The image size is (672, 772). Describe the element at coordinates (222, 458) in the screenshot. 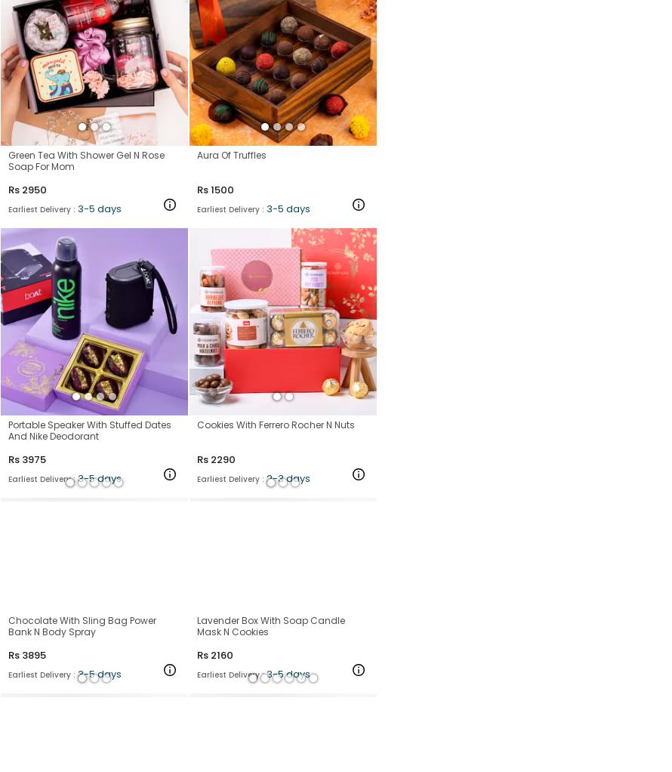

I see `'2290'` at that location.